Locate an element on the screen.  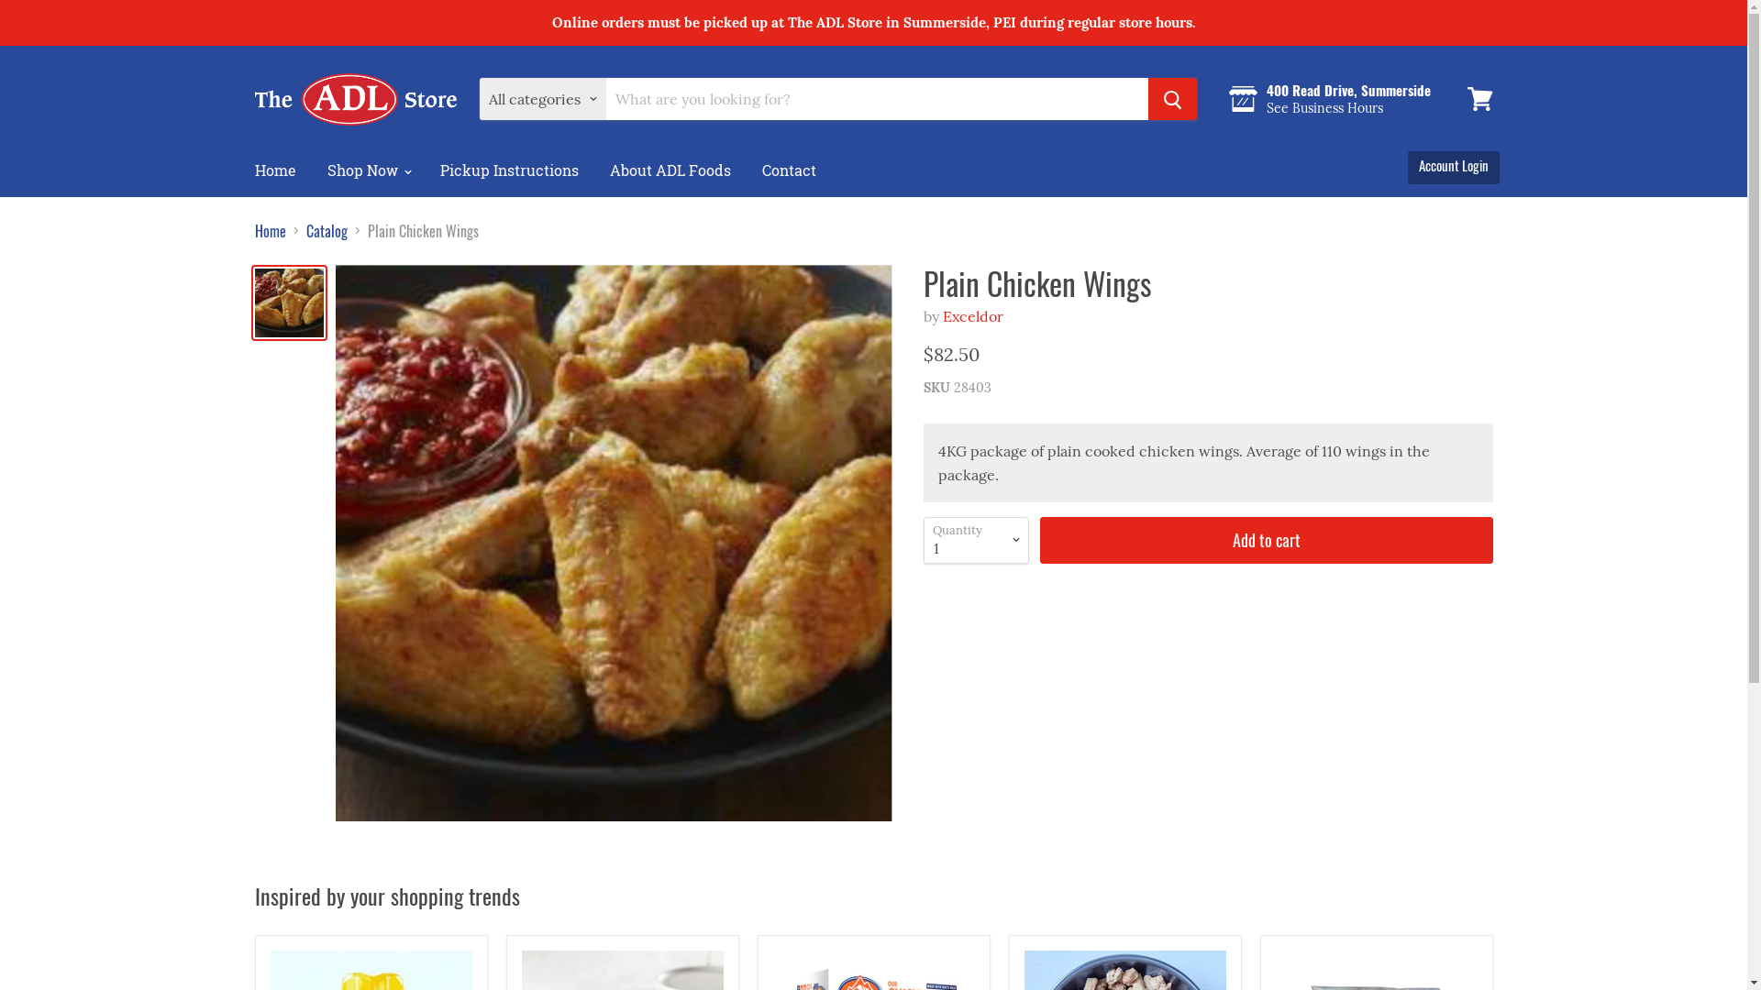
'About ADL Foods' is located at coordinates (669, 170).